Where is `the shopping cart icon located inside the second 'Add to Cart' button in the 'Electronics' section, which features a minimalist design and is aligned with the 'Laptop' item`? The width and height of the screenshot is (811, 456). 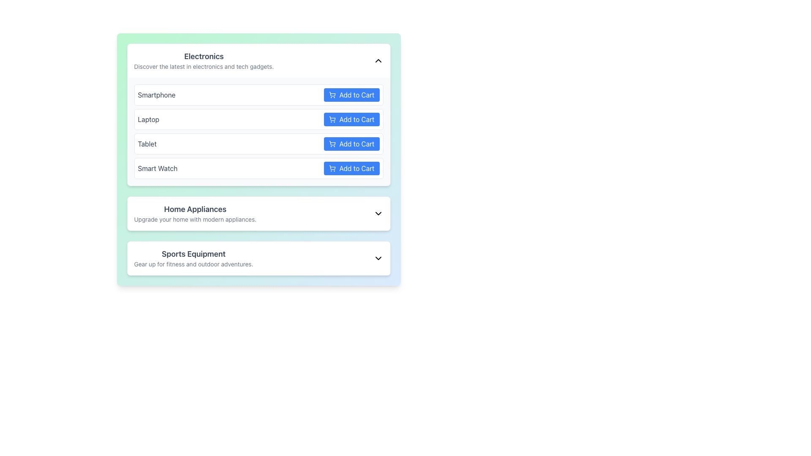
the shopping cart icon located inside the second 'Add to Cart' button in the 'Electronics' section, which features a minimalist design and is aligned with the 'Laptop' item is located at coordinates (332, 119).